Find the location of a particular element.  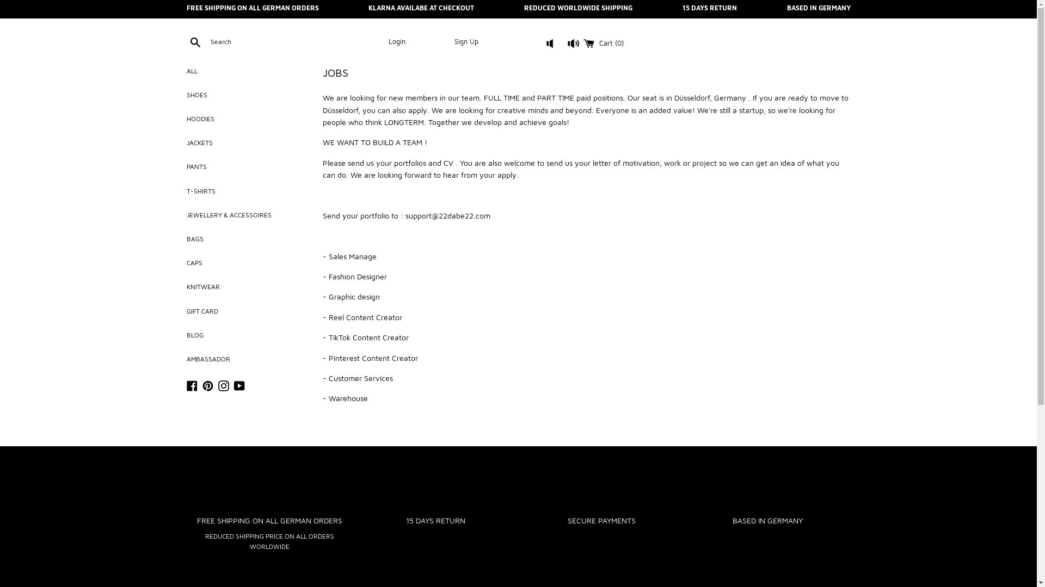

'GIFT CARD' is located at coordinates (245, 311).